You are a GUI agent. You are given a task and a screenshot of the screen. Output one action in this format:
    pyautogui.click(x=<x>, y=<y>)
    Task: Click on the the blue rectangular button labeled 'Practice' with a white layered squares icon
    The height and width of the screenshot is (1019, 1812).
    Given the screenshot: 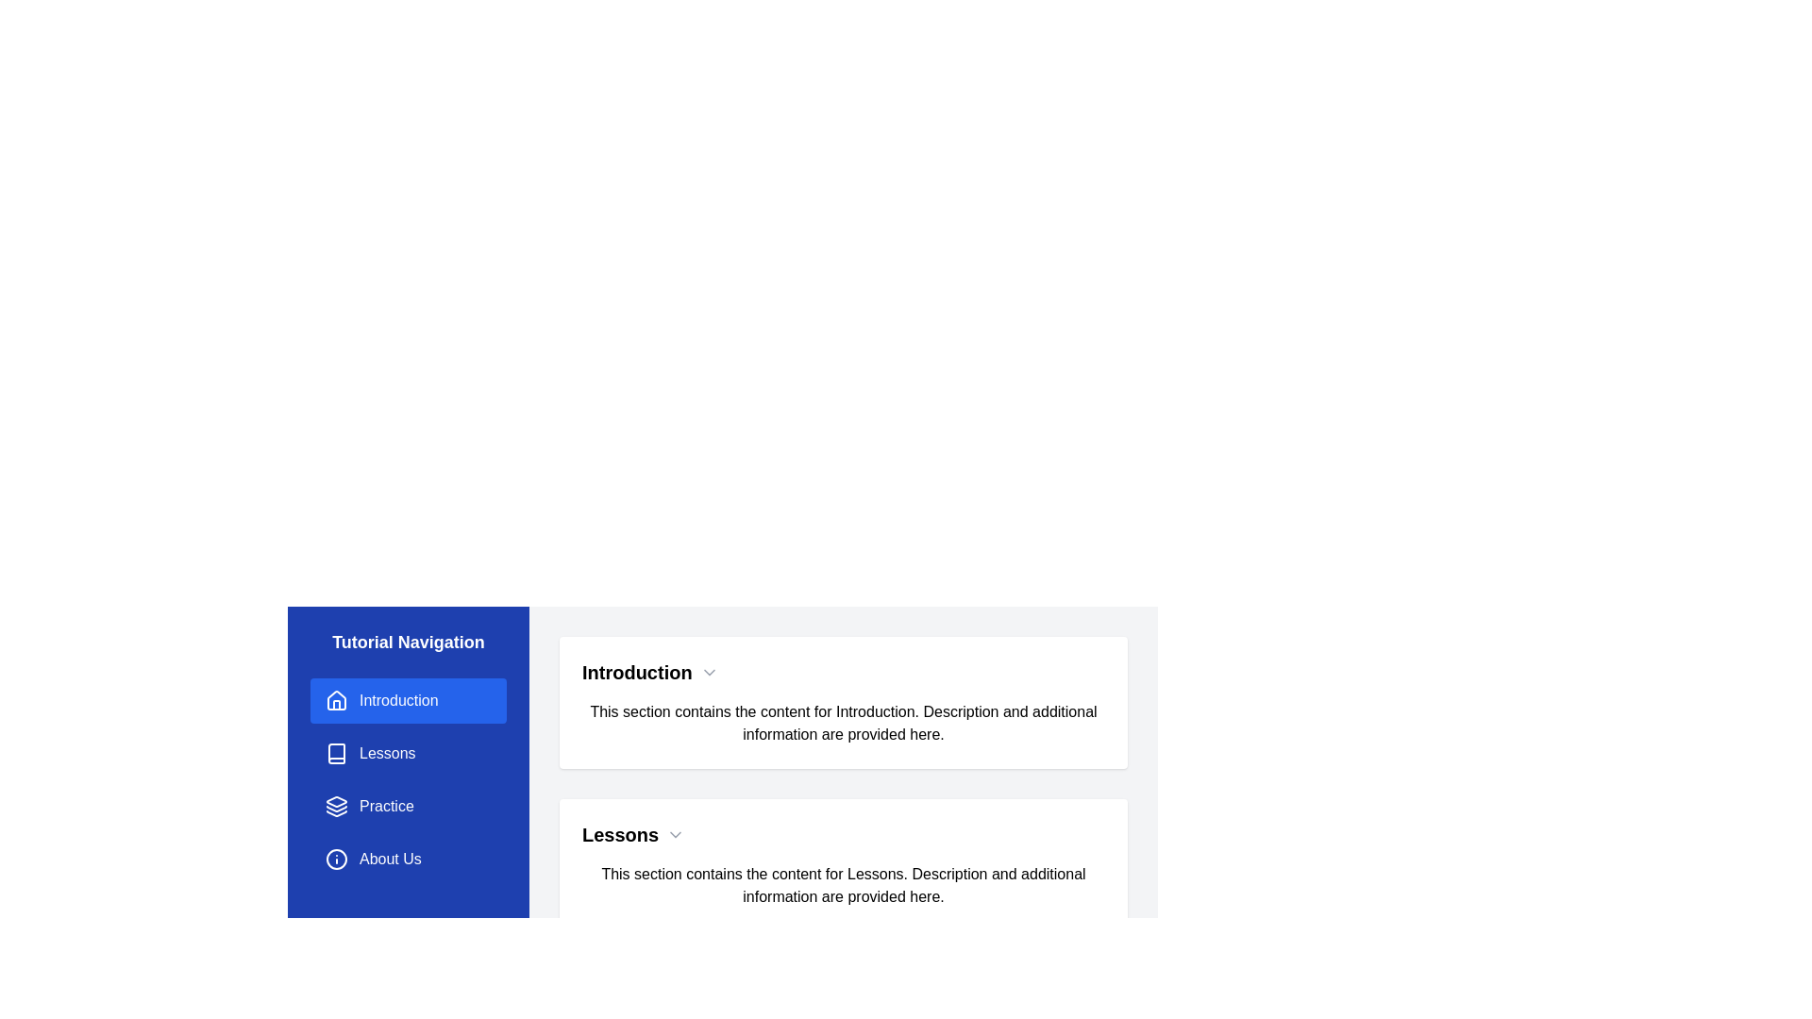 What is the action you would take?
    pyautogui.click(x=407, y=807)
    